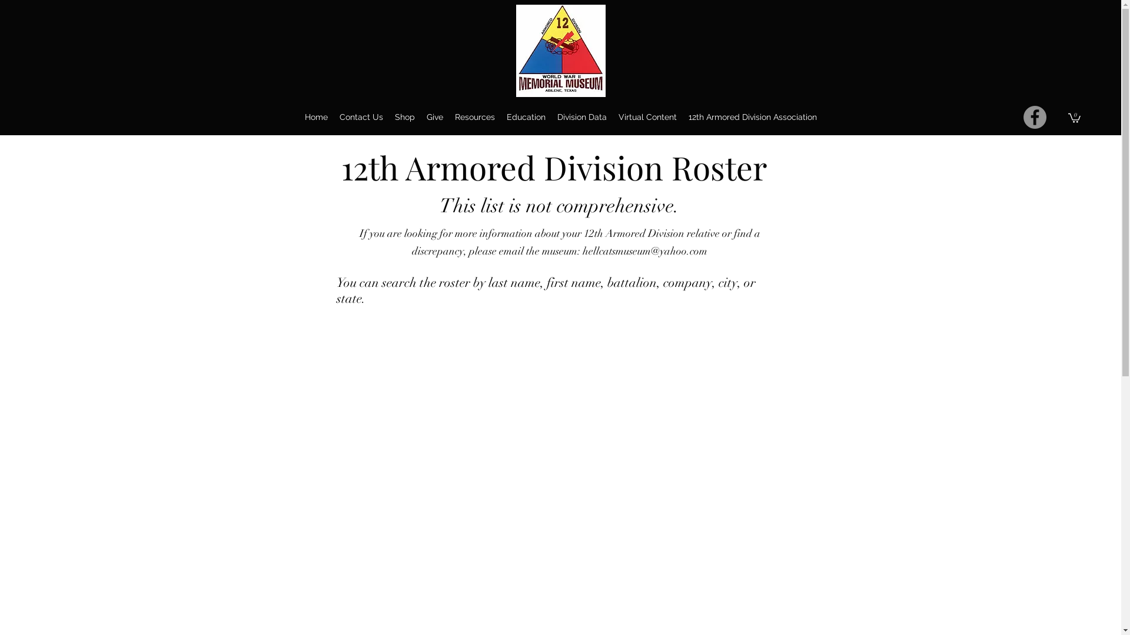  I want to click on 'hellcatsmuseum@yahoo.com', so click(582, 250).